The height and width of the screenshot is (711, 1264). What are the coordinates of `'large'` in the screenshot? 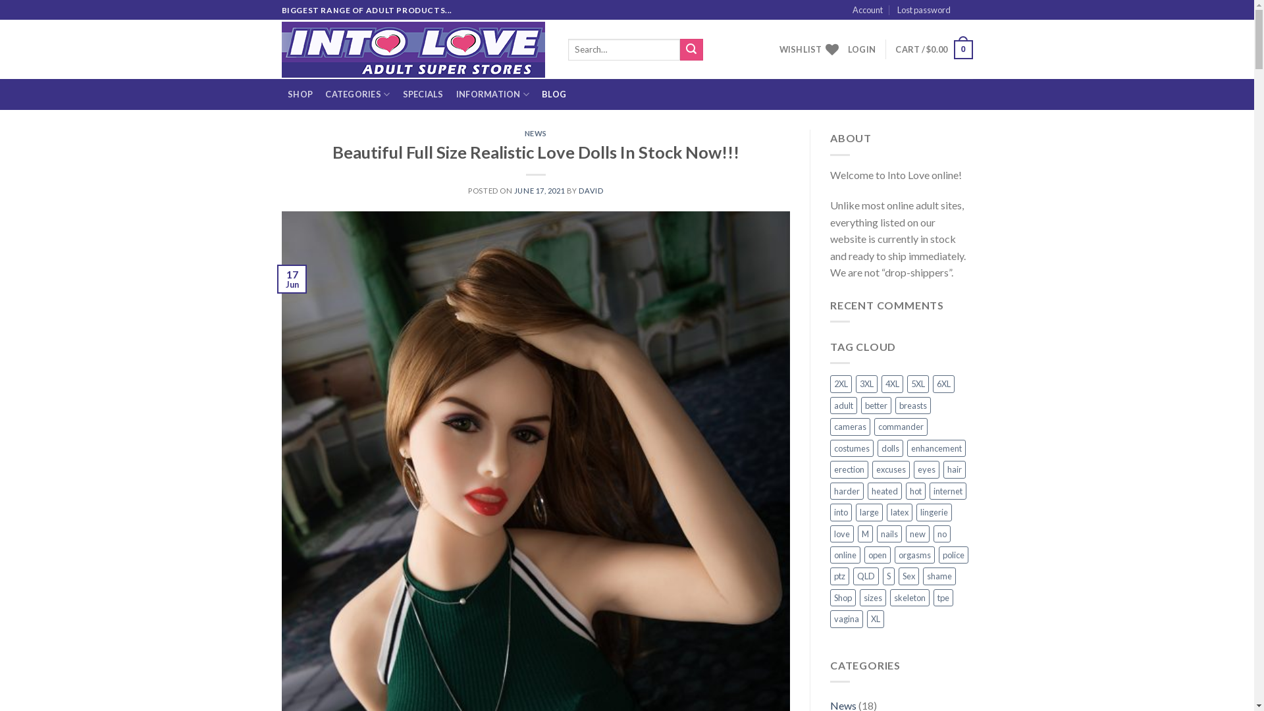 It's located at (869, 512).